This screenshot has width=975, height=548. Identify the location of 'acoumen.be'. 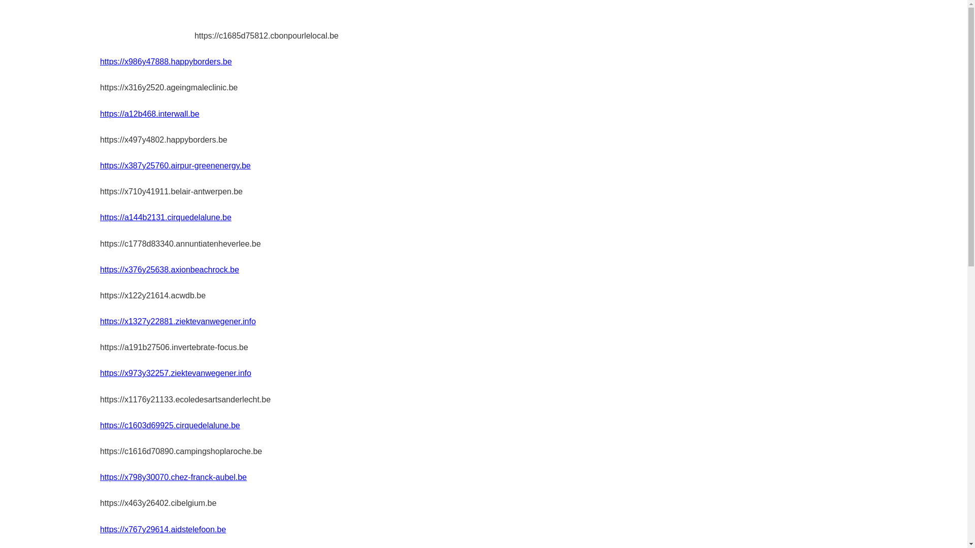
(100, 23).